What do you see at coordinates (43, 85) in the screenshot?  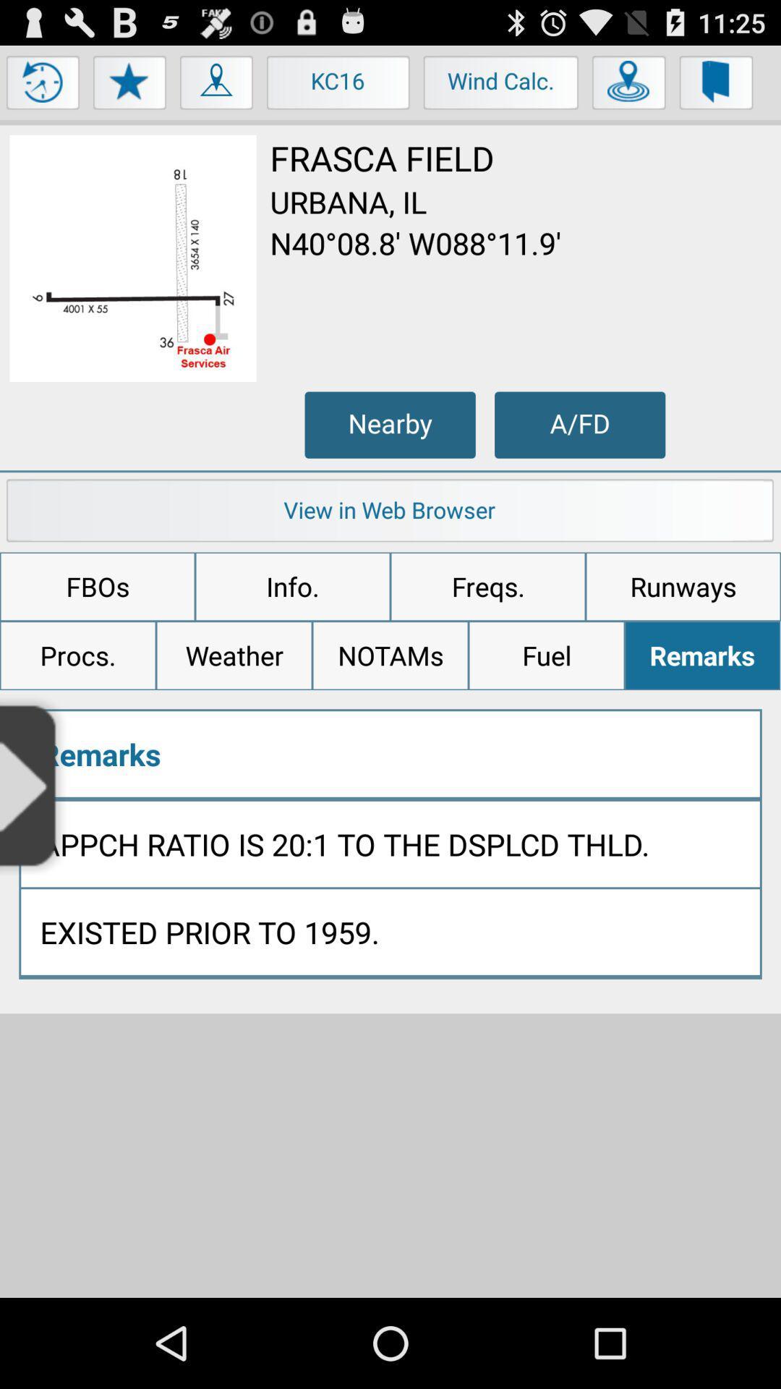 I see `clock option` at bounding box center [43, 85].